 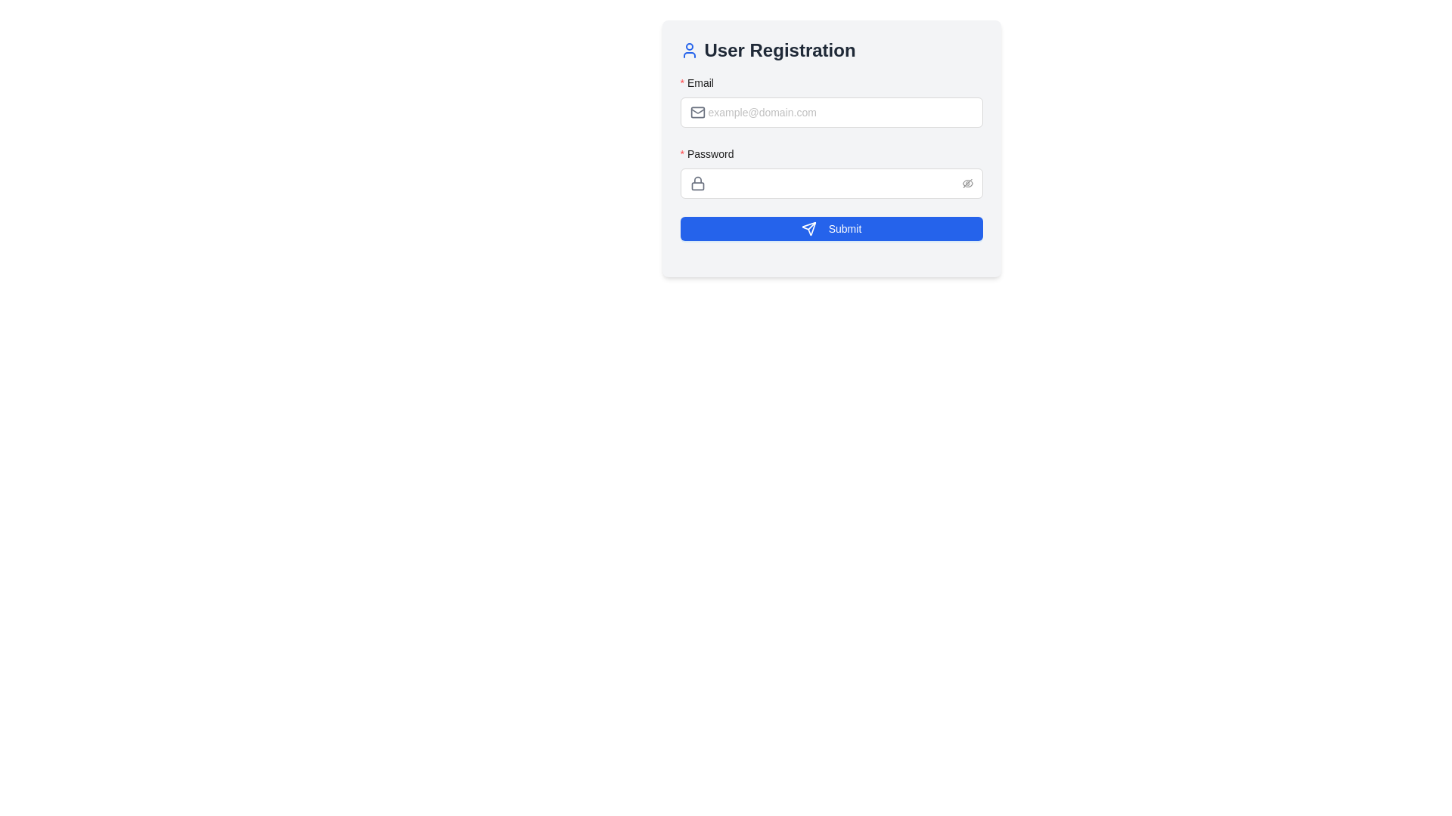 What do you see at coordinates (697, 112) in the screenshot?
I see `the Decorative SVG rectangle within the envelope icon located near the email input field labeled 'Email'` at bounding box center [697, 112].